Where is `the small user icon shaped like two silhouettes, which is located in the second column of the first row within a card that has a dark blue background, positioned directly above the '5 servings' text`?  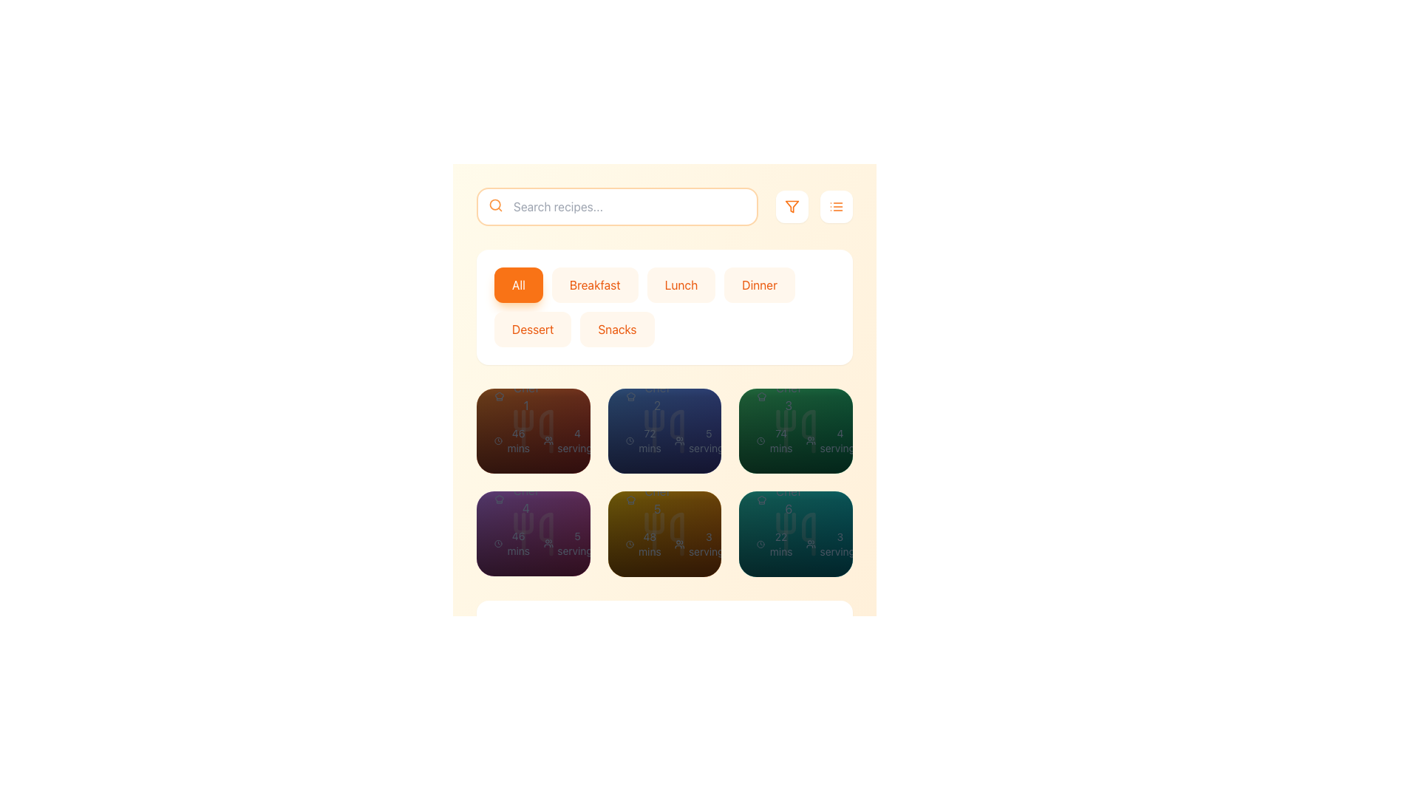
the small user icon shaped like two silhouettes, which is located in the second column of the first row within a card that has a dark blue background, positioned directly above the '5 servings' text is located at coordinates (679, 440).